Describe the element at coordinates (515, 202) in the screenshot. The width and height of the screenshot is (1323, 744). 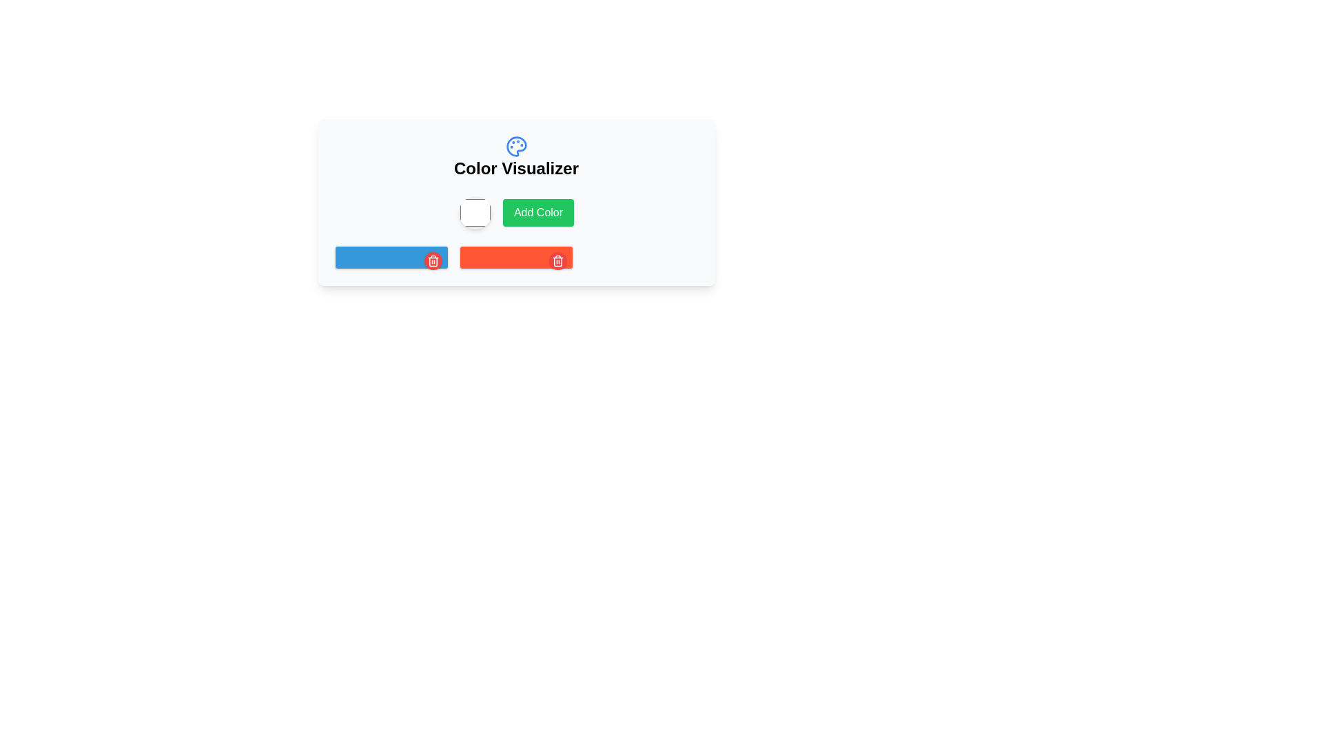
I see `the 'Add Color' button, which is a rectangular button with a green background and white text, positioned below the circular color picker` at that location.